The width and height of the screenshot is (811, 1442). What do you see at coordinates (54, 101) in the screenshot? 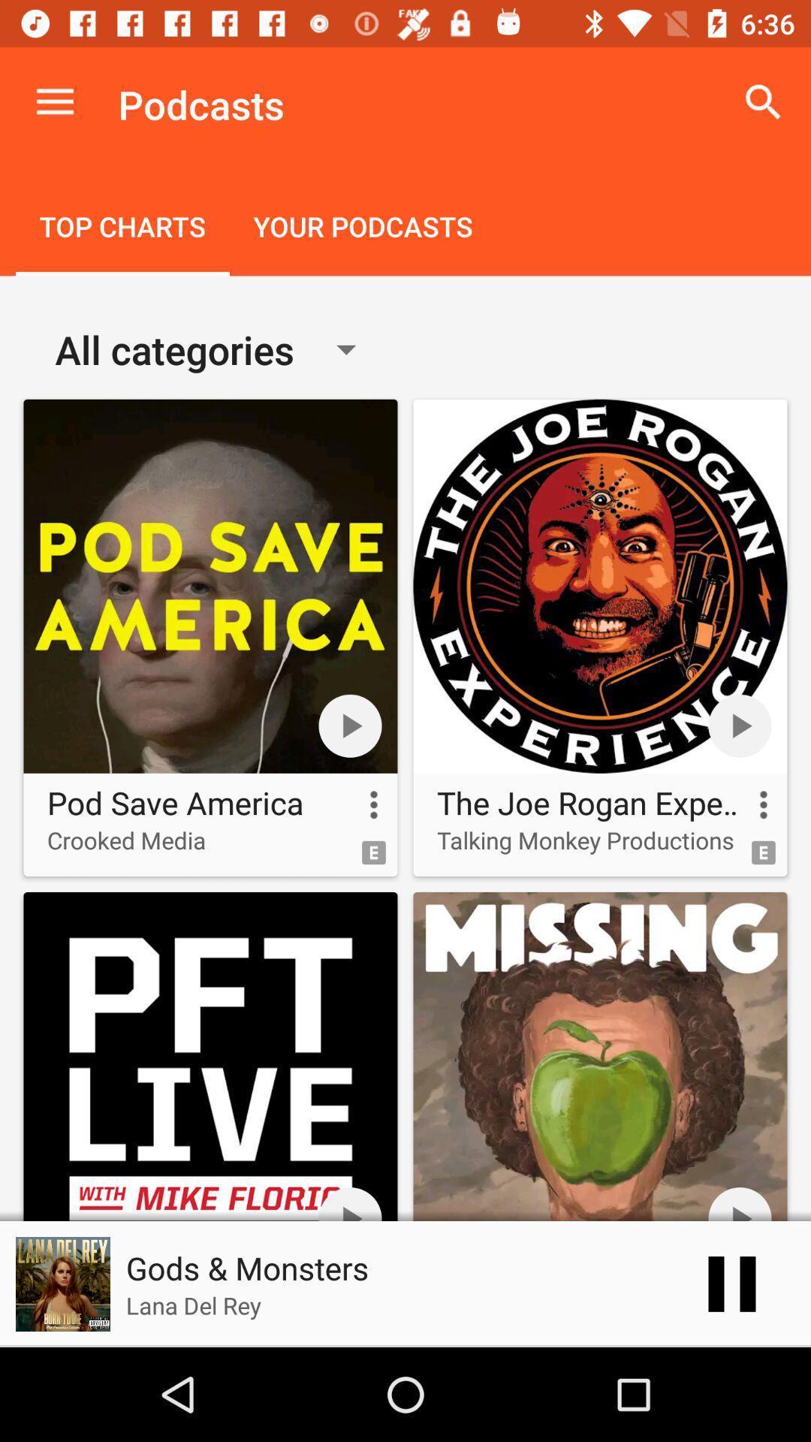
I see `icon next to podcasts` at bounding box center [54, 101].